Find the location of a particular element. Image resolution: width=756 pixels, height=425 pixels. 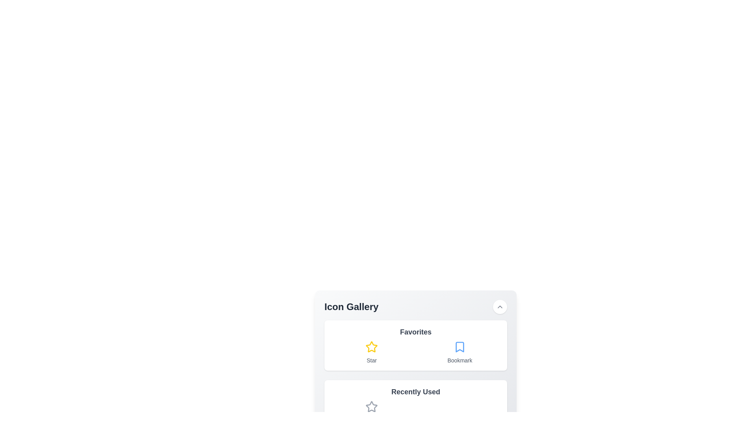

the non-interactive text label located at the top-left area of the header section, which serves as a heading for the content is located at coordinates (351, 306).